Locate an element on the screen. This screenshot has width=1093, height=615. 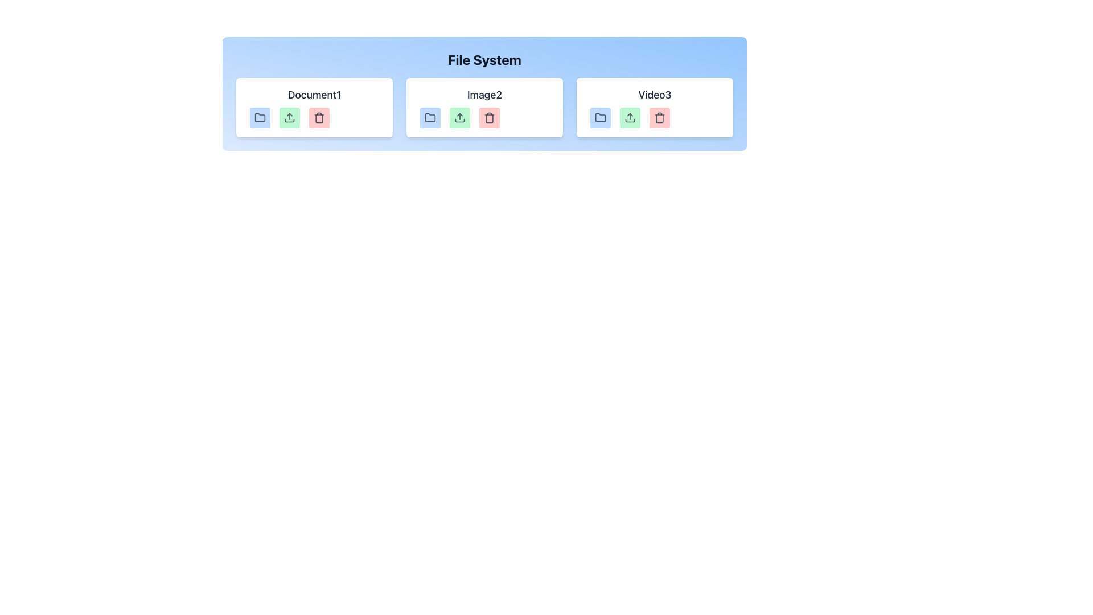
the folder icon with a gray outline located below the label 'Image2' in the 'File System' section is located at coordinates (429, 117).